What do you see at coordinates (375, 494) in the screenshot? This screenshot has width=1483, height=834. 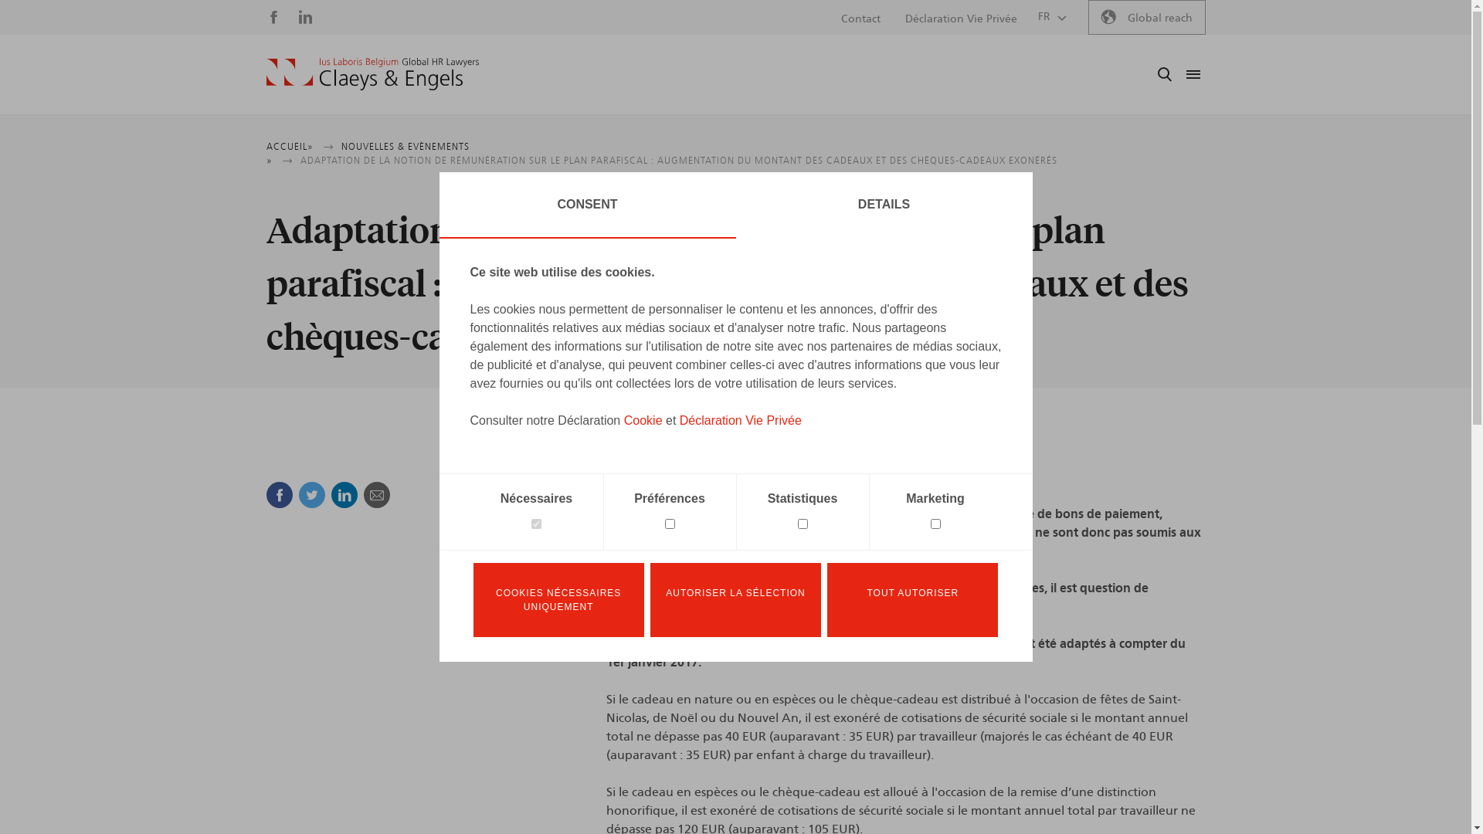 I see `'Courriel'` at bounding box center [375, 494].